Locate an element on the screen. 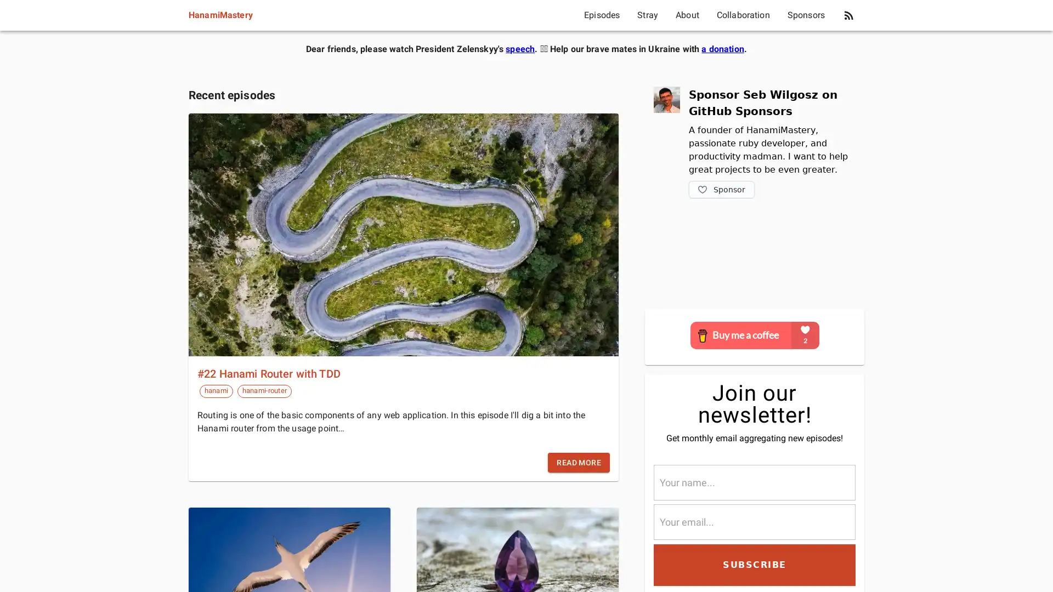 This screenshot has width=1053, height=592. hanami-router is located at coordinates (264, 390).